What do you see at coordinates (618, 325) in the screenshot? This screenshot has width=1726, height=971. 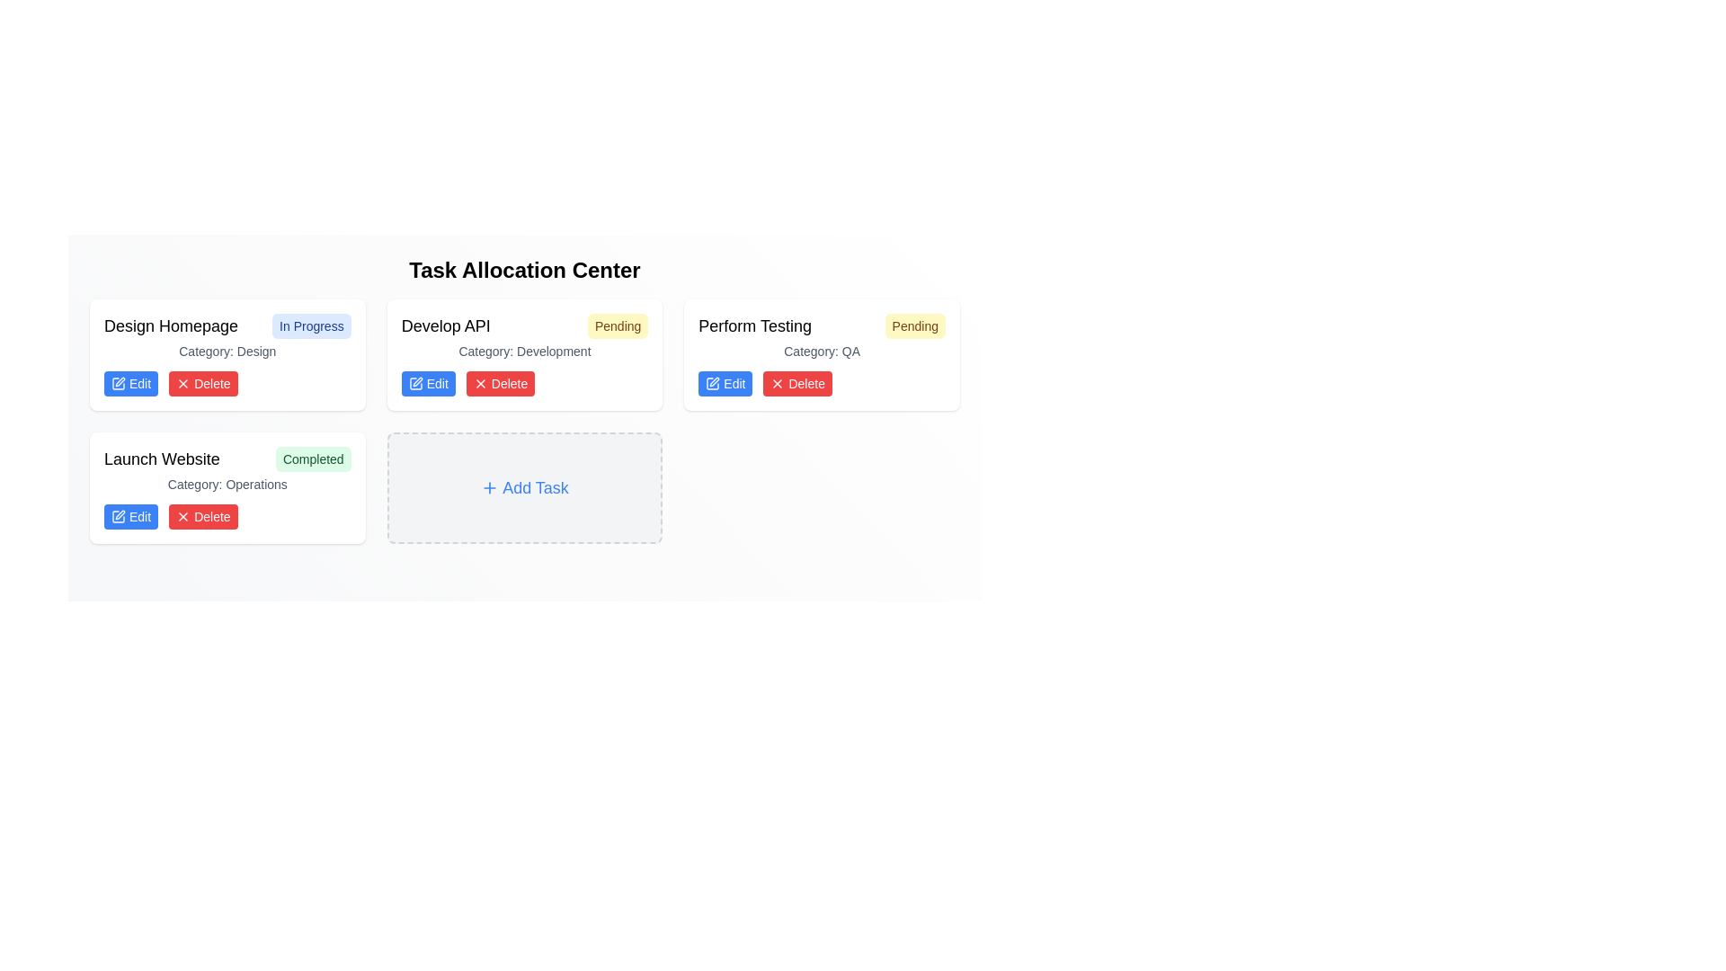 I see `the Status label with the text 'Pending', located in the top-right corner of the 'Develop API' task card` at bounding box center [618, 325].